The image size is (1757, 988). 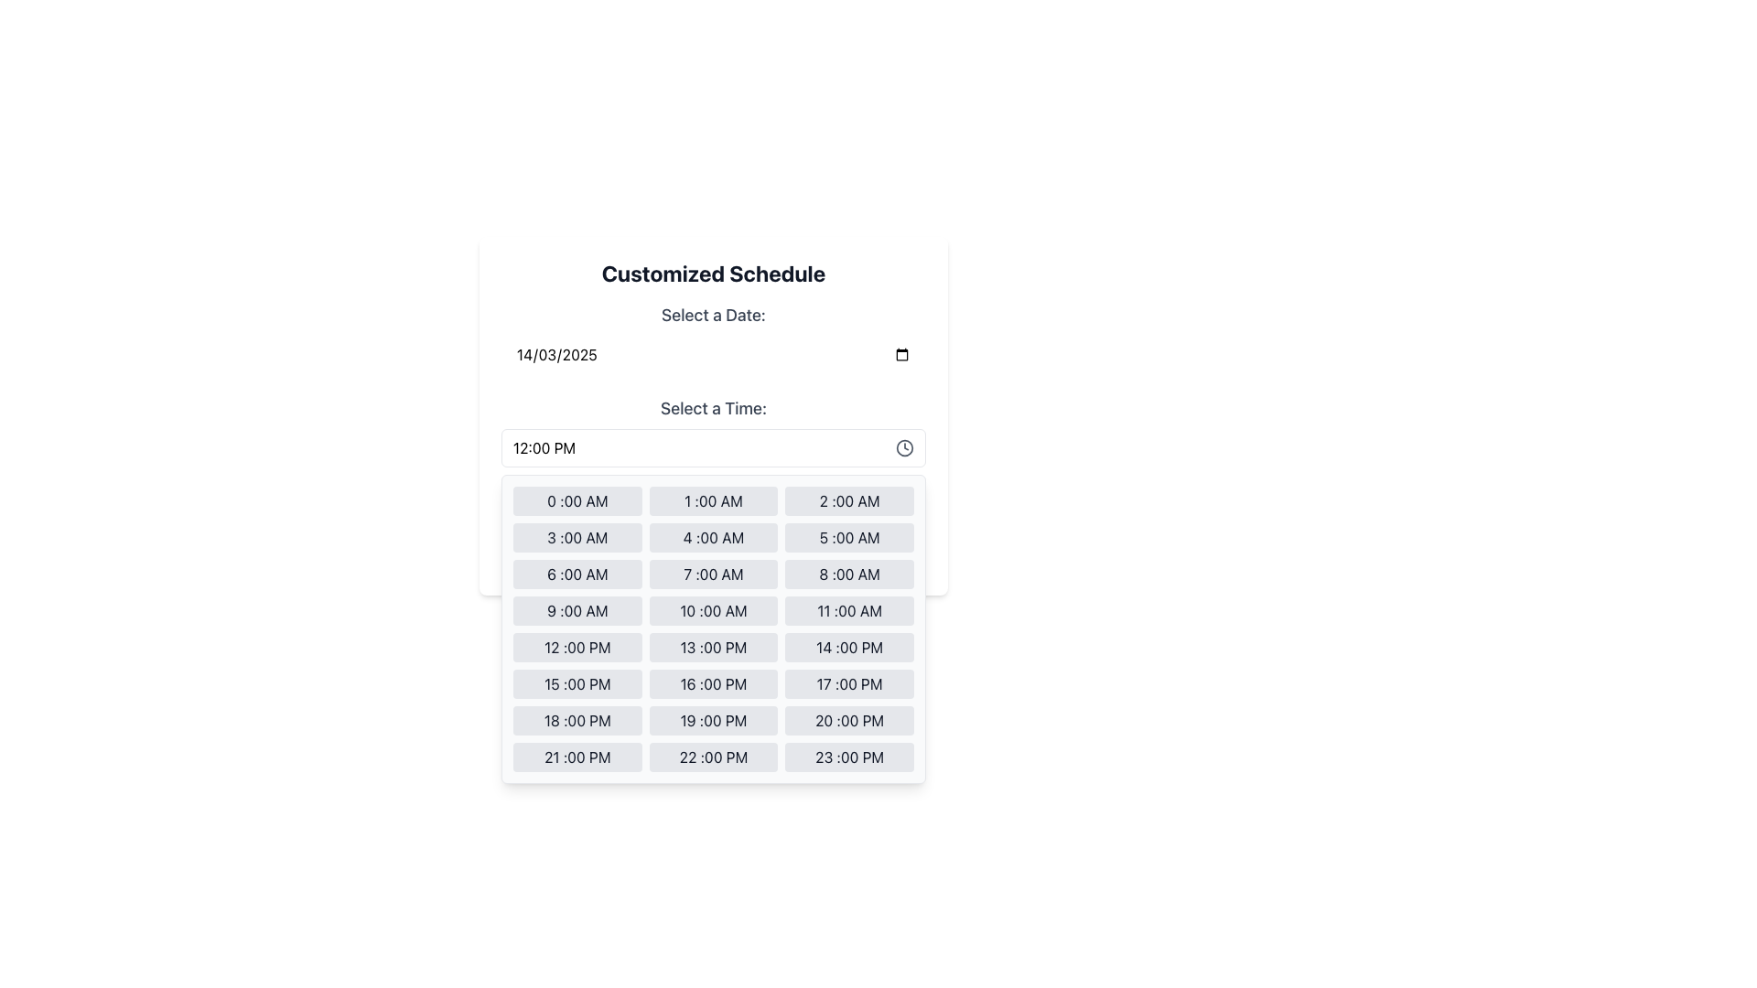 What do you see at coordinates (712, 338) in the screenshot?
I see `the Date Picker Input field labeled 'Select a Date:'` at bounding box center [712, 338].